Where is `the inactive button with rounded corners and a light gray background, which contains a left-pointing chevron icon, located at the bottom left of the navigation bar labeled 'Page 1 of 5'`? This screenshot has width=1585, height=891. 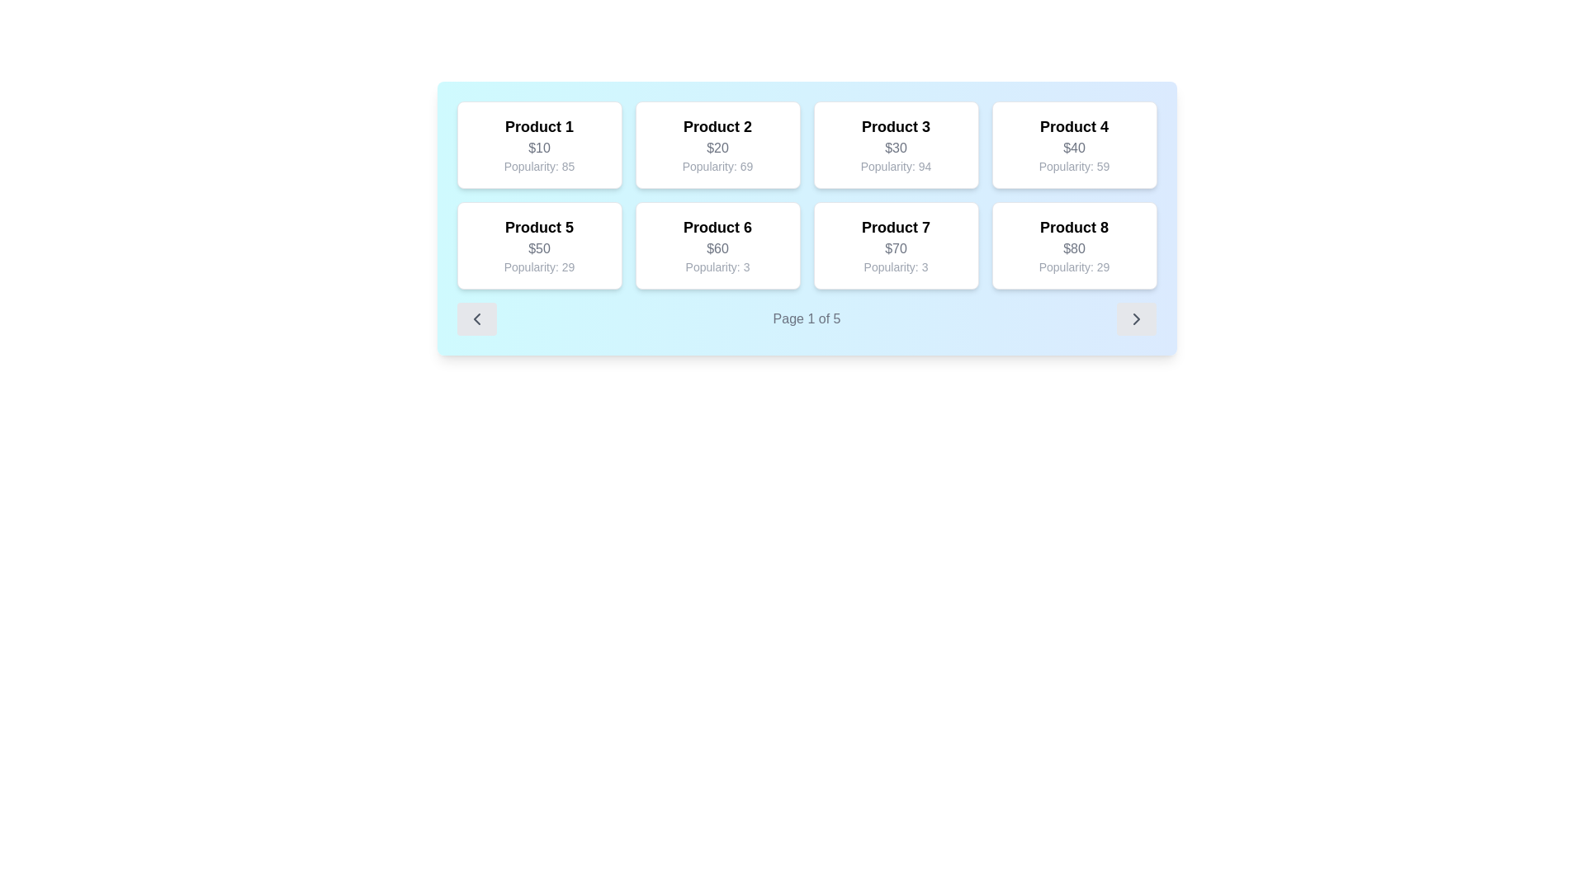 the inactive button with rounded corners and a light gray background, which contains a left-pointing chevron icon, located at the bottom left of the navigation bar labeled 'Page 1 of 5' is located at coordinates (475, 318).